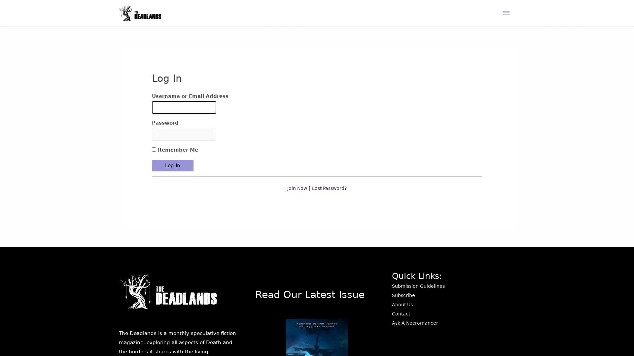 This screenshot has height=356, width=634. Describe the element at coordinates (506, 20) in the screenshot. I see `Main Menu` at that location.